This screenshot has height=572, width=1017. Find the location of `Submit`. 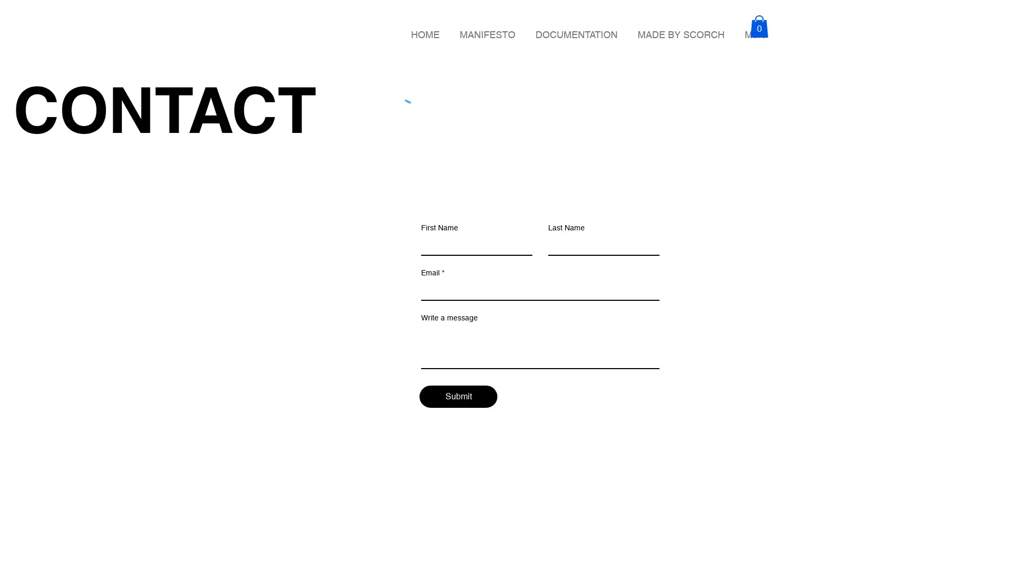

Submit is located at coordinates (458, 396).